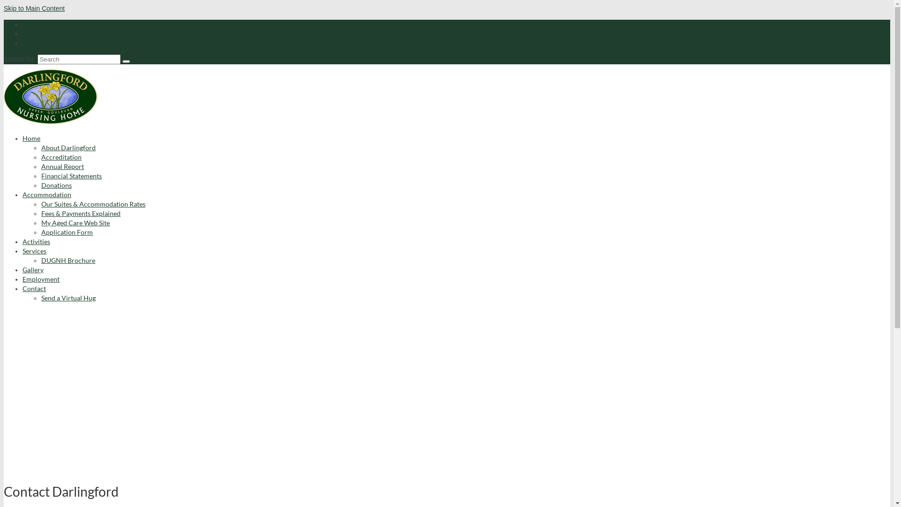 The height and width of the screenshot is (507, 901). What do you see at coordinates (23, 269) in the screenshot?
I see `'Gallery'` at bounding box center [23, 269].